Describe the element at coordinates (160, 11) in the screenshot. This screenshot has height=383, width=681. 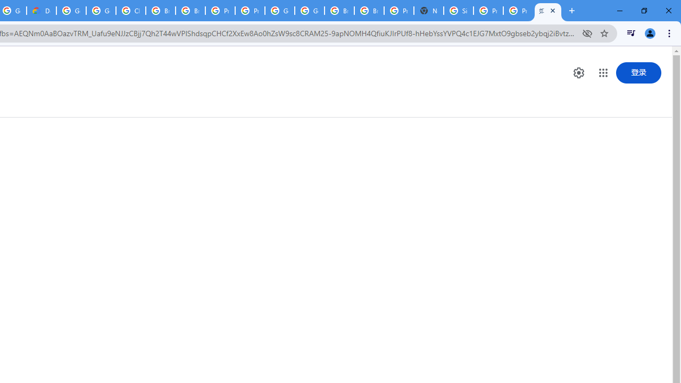
I see `'Browse Chrome as a guest - Computer - Google Chrome Help'` at that location.